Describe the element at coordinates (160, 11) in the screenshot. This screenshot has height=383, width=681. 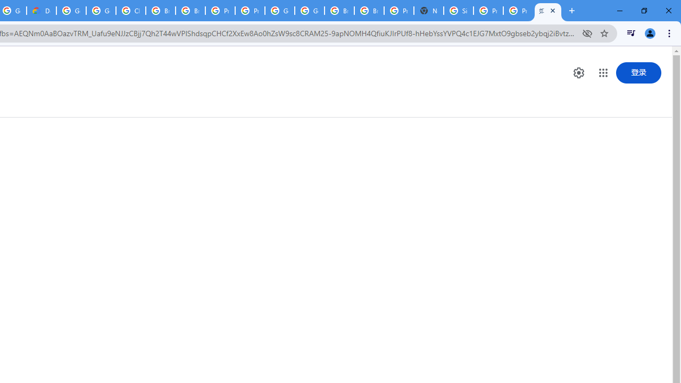
I see `'Browse Chrome as a guest - Computer - Google Chrome Help'` at that location.